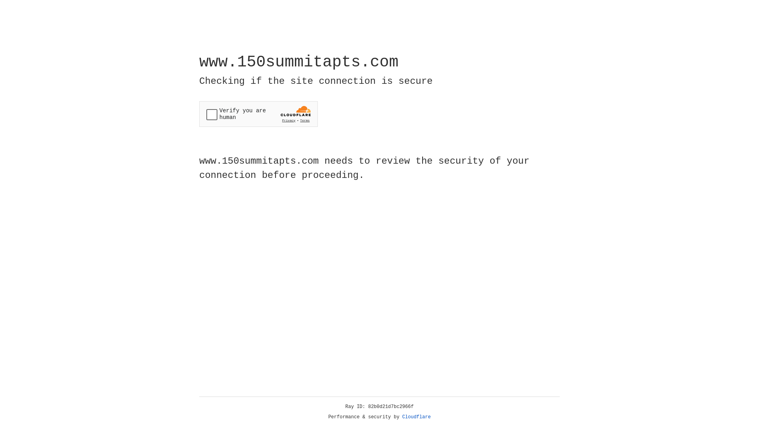 The image size is (759, 427). I want to click on 'Cloudflare', so click(416, 417).